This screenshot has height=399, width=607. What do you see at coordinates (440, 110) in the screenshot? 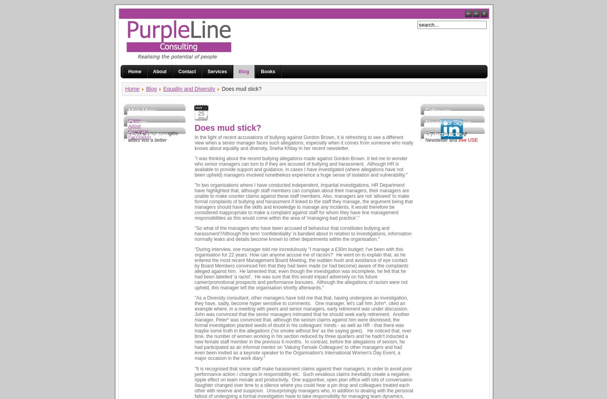
I see `'Follow me...'` at bounding box center [440, 110].